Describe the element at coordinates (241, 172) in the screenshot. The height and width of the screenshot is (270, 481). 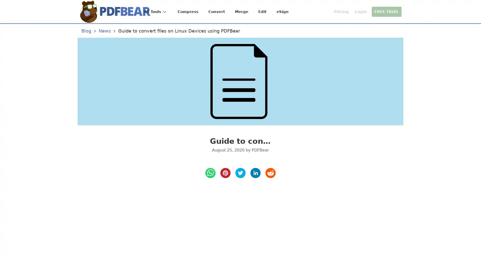
I see `twitter` at that location.